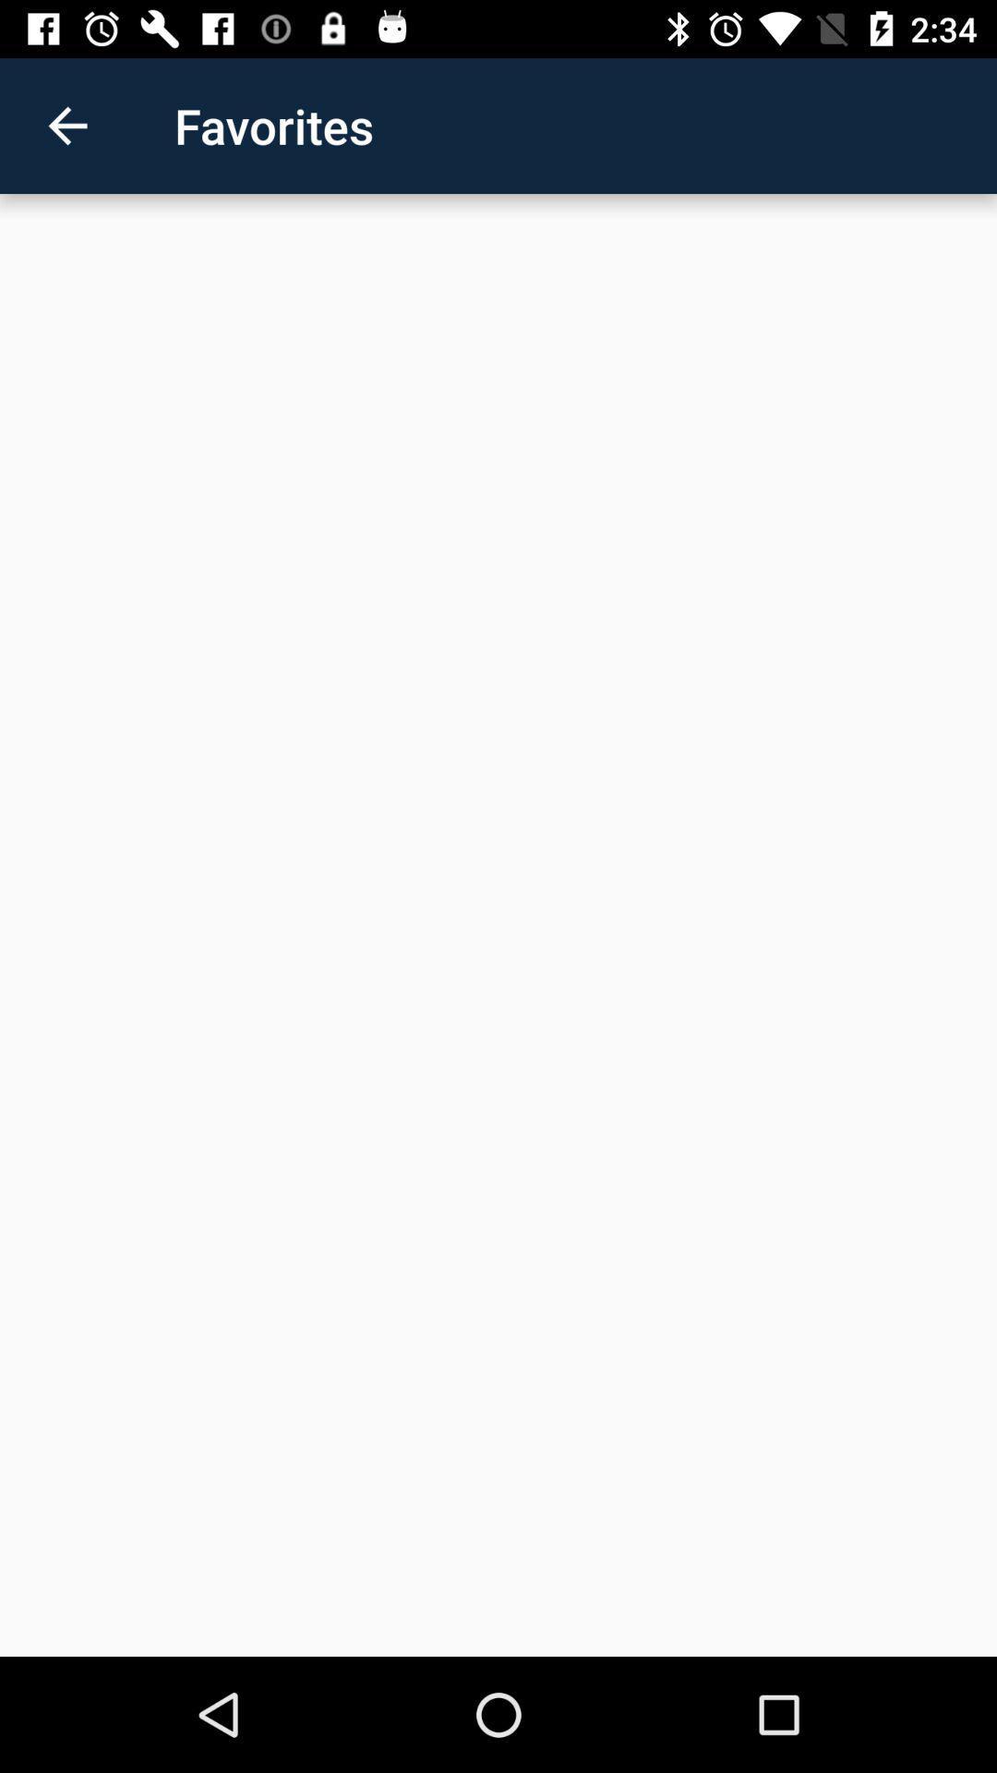 The height and width of the screenshot is (1773, 997). What do you see at coordinates (66, 125) in the screenshot?
I see `the app to the left of the favorites app` at bounding box center [66, 125].